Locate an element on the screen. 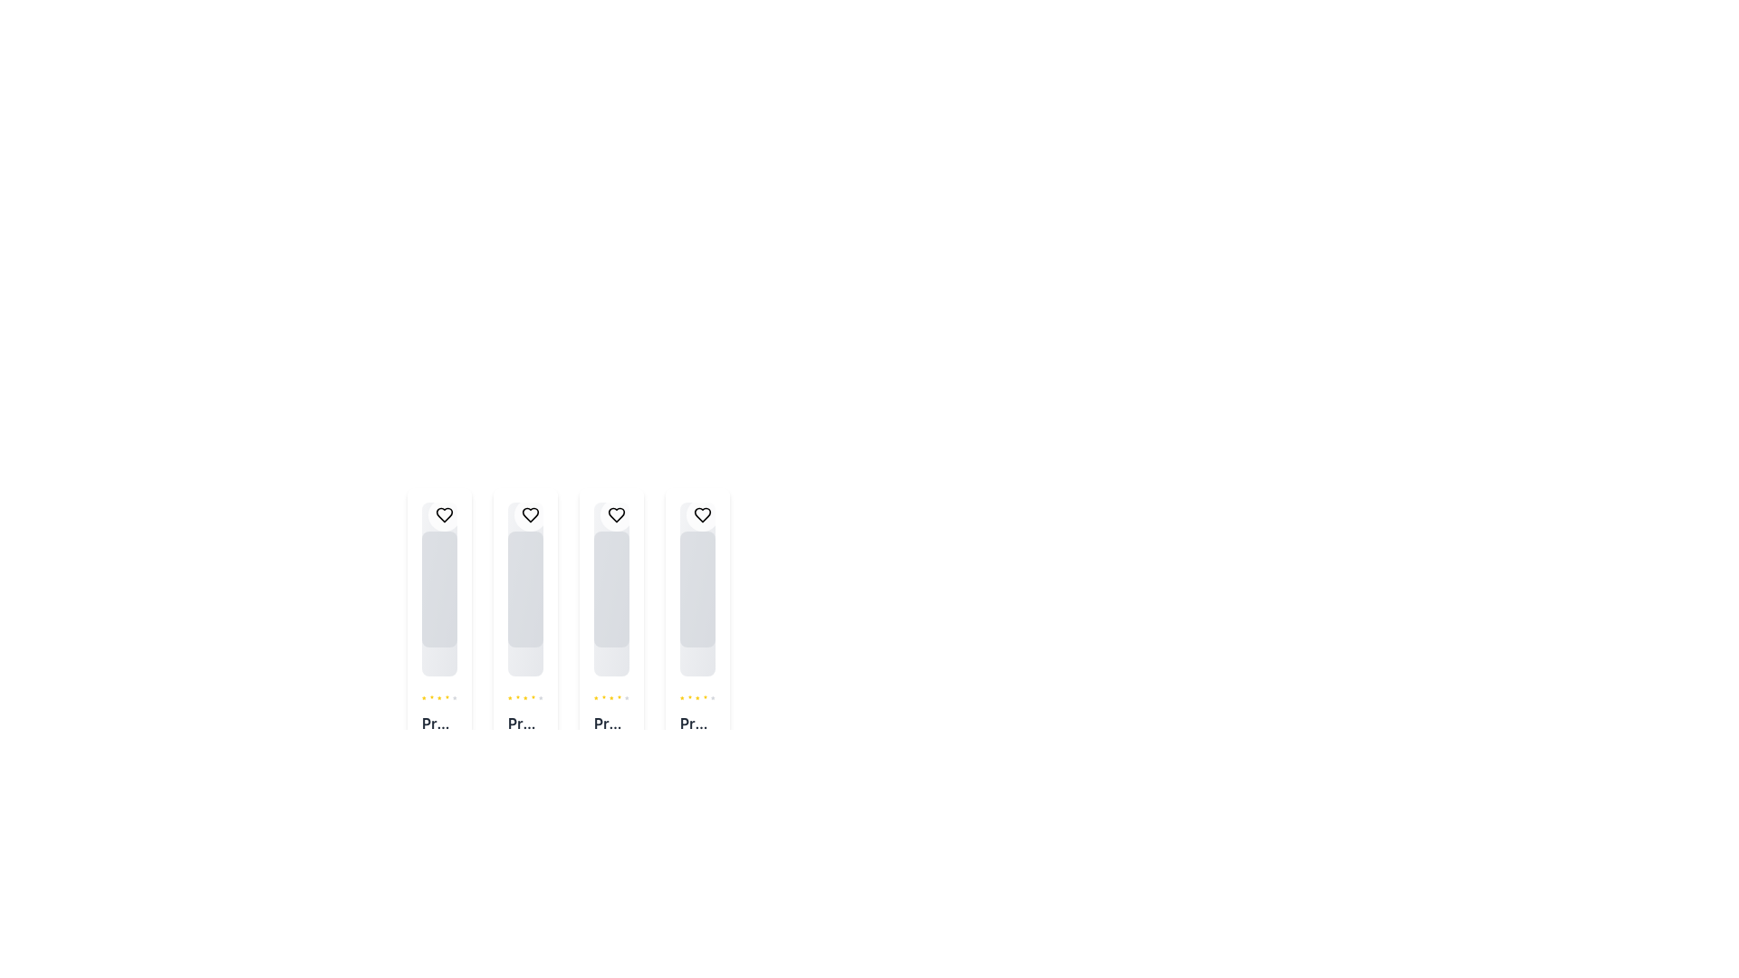 Image resolution: width=1739 pixels, height=978 pixels. the text label displaying 'Category' for accessibility is located at coordinates (524, 751).